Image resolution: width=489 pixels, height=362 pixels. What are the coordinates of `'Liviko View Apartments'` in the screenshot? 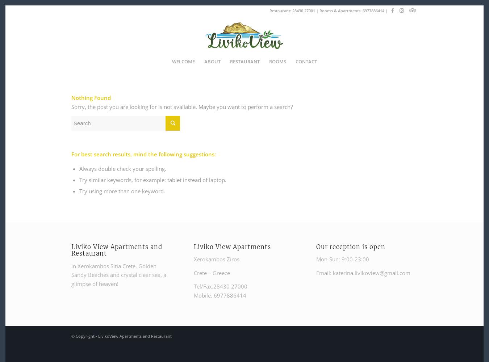 It's located at (232, 247).